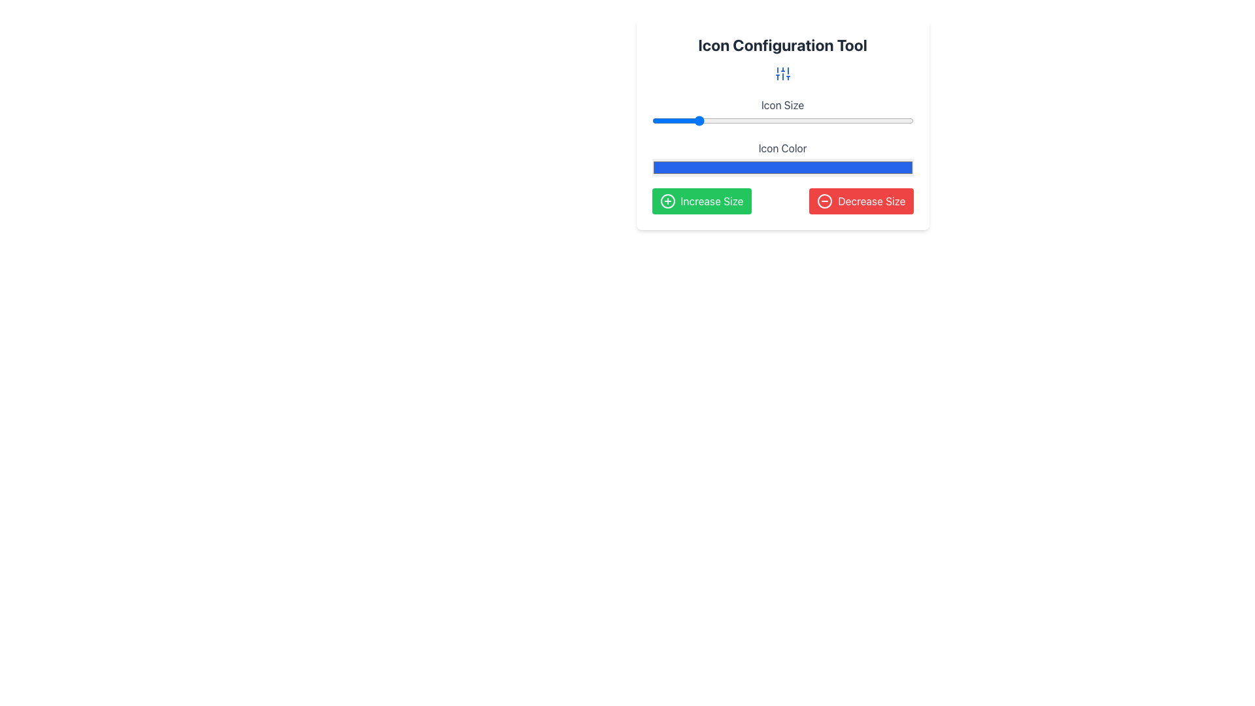 The image size is (1255, 706). I want to click on the color input field styled with a bold blue color fill, located below the 'Icon Color' label, to manually input a color code, so click(782, 167).